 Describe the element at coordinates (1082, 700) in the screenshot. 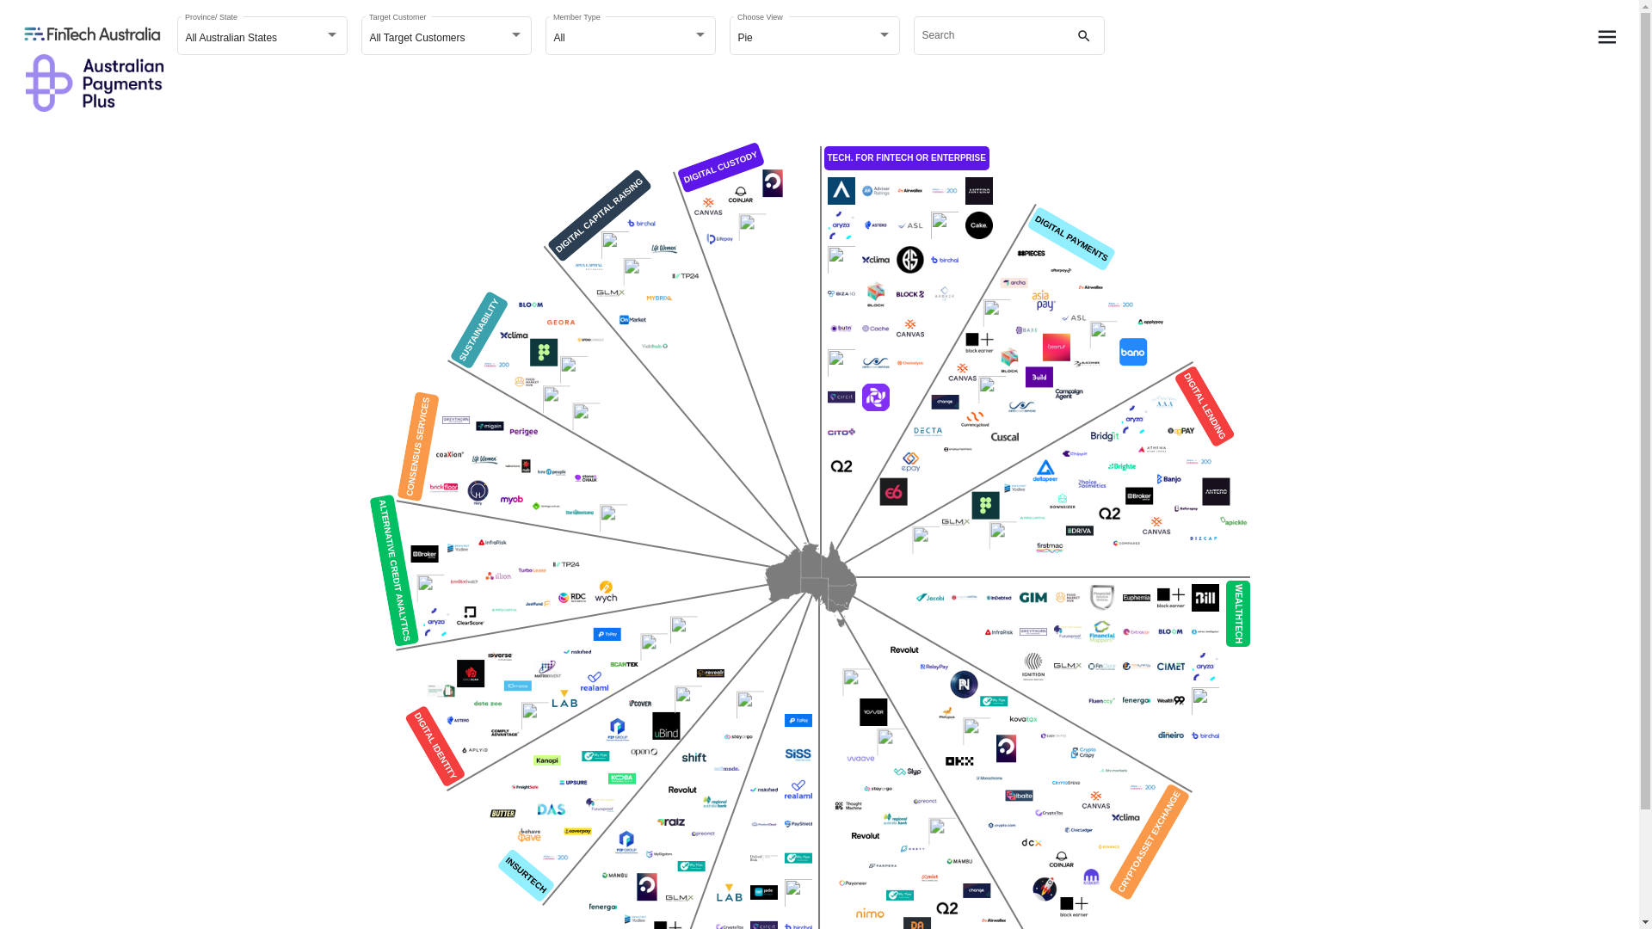

I see `'Fluenccy'` at that location.